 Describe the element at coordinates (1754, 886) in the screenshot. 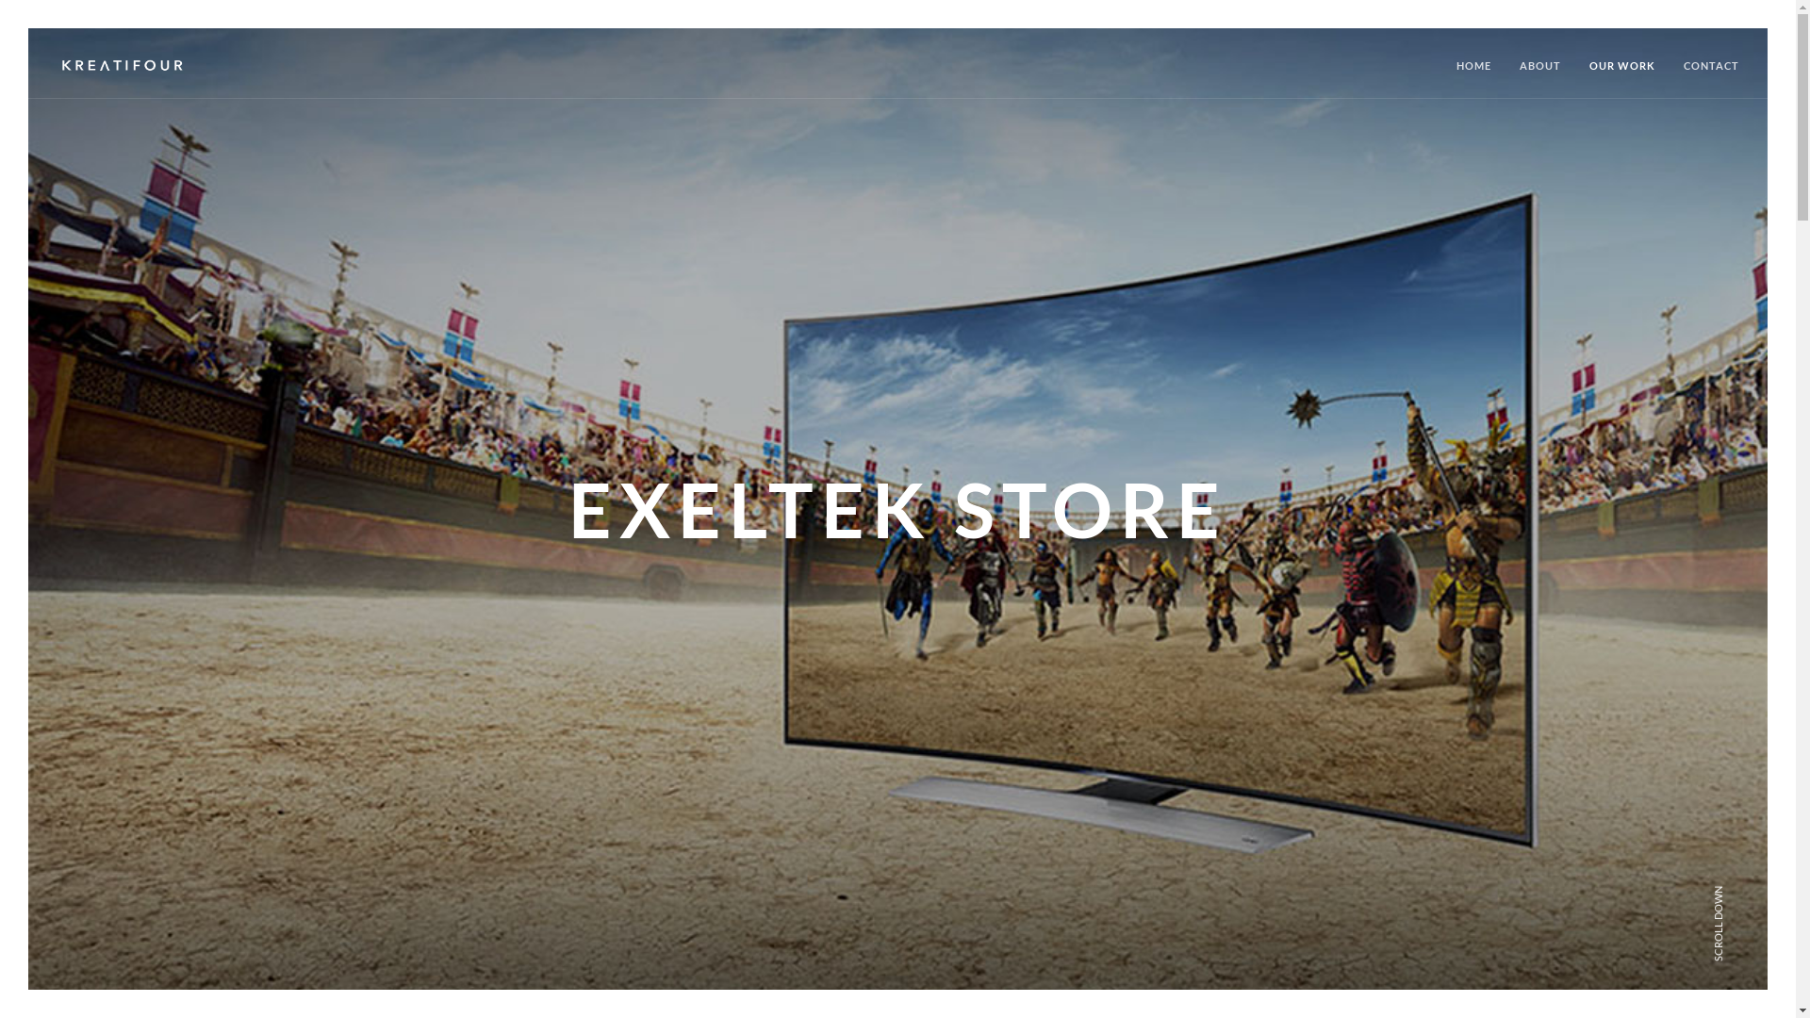

I see `'SCROLL DOWN'` at that location.